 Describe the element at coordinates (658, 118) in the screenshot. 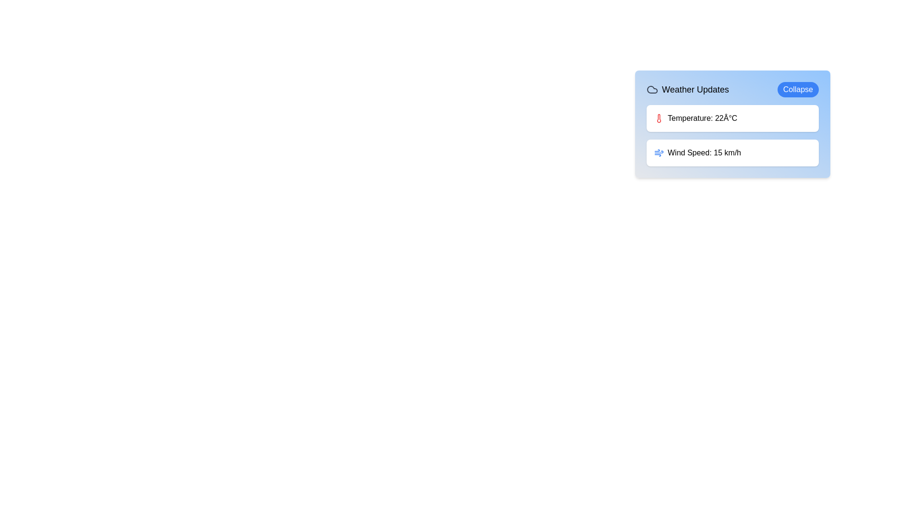

I see `the slender vertical rectangular thermometer icon filled with red color, located to the left of the label 'Temperature: 22°C' in the 'Weather Updates' section` at that location.